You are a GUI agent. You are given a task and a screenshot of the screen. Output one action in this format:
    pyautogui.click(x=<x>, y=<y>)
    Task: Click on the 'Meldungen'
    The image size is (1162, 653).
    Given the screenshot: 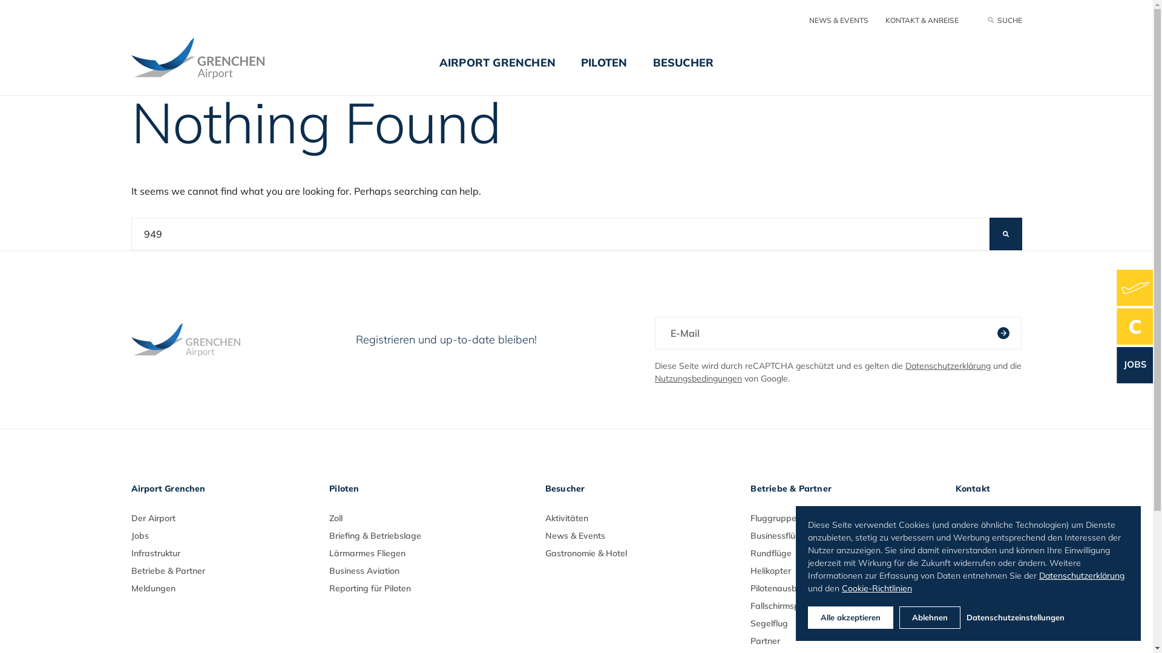 What is the action you would take?
    pyautogui.click(x=152, y=587)
    